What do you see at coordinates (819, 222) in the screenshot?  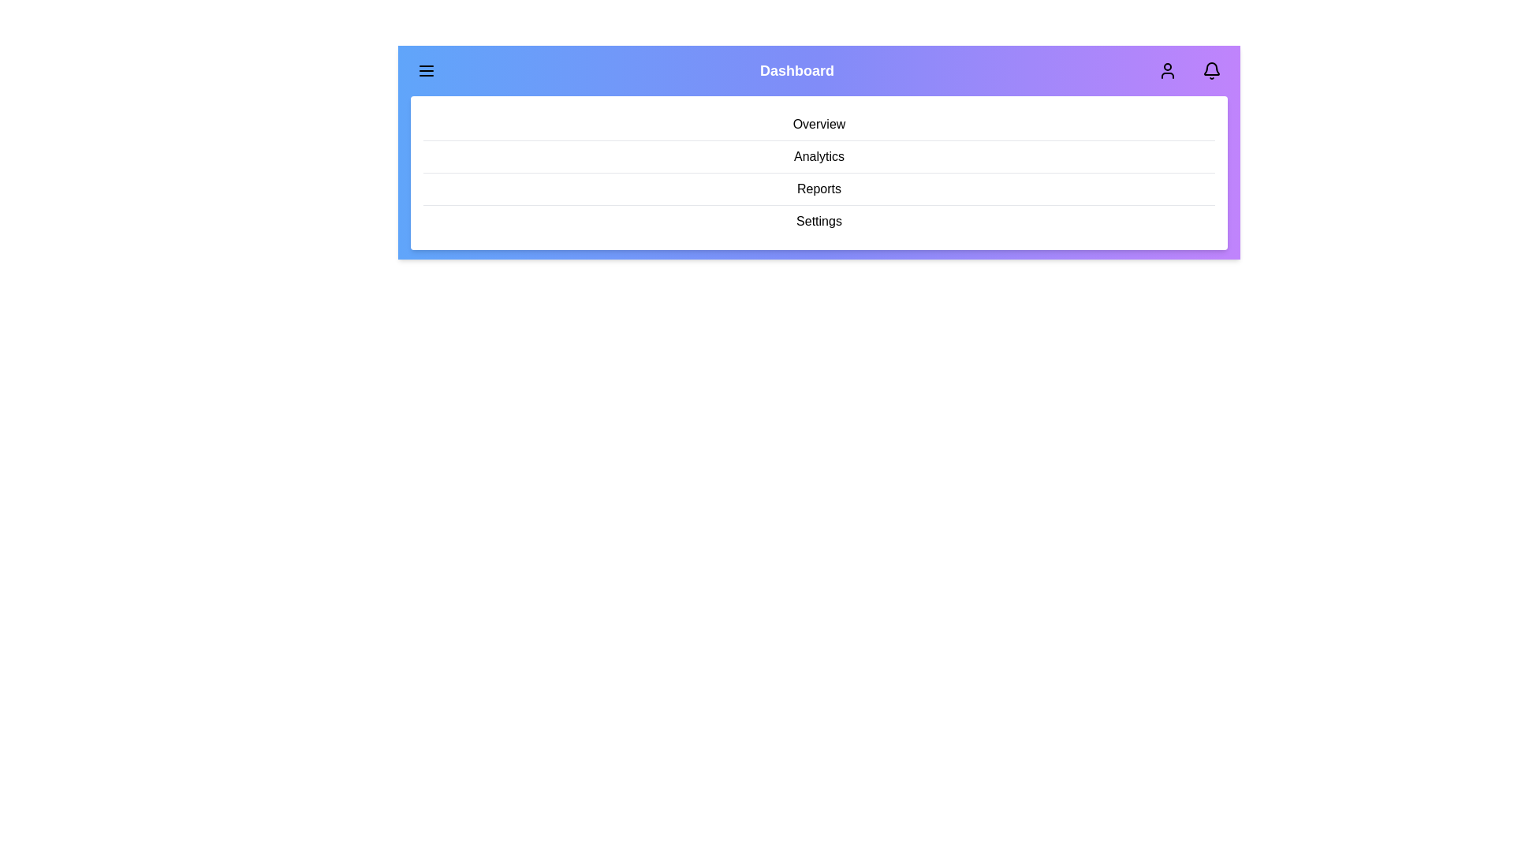 I see `the menu item Settings from the menu` at bounding box center [819, 222].